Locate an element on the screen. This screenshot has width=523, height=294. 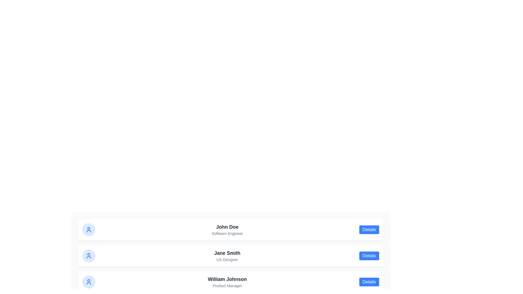
the circular user profile icon with a light blue background located to the left of the name 'William Johnson, Product Manager.' is located at coordinates (89, 282).